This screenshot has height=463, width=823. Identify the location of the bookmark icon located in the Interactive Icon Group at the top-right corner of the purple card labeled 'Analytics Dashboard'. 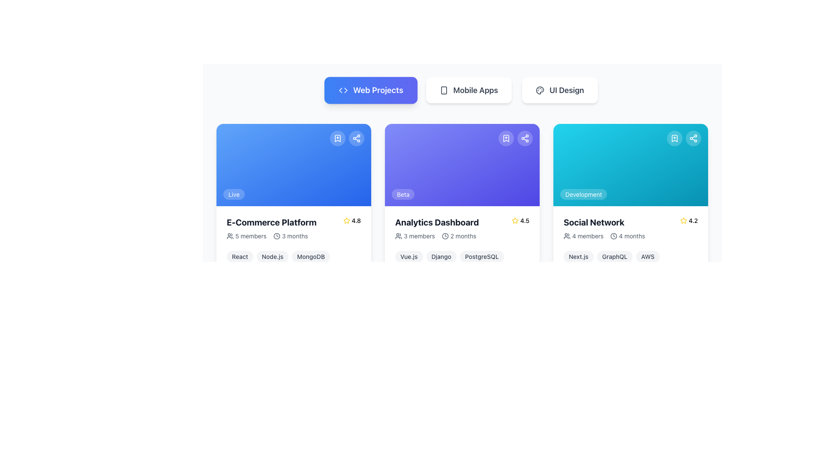
(515, 138).